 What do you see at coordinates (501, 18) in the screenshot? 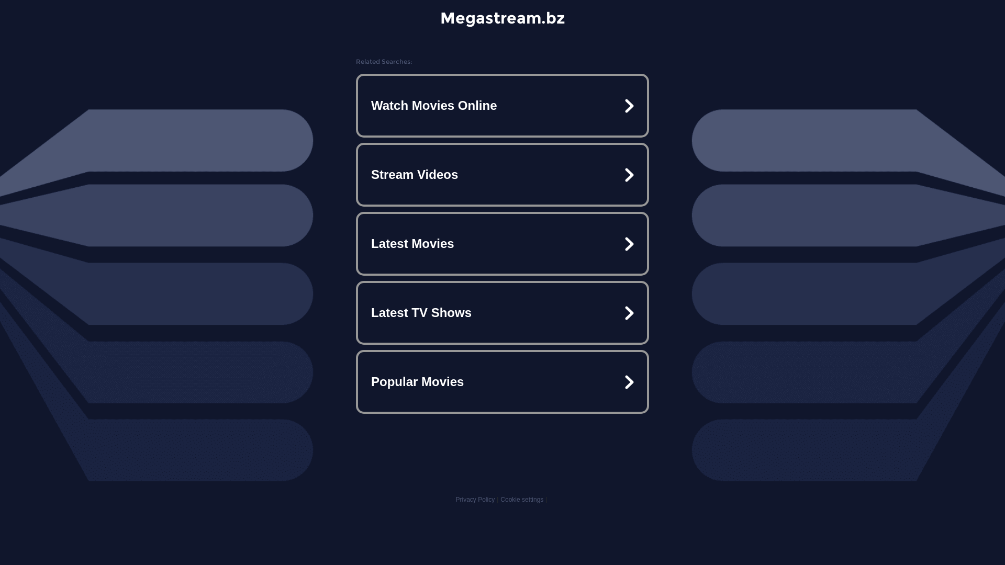
I see `'Megastream.bz'` at bounding box center [501, 18].